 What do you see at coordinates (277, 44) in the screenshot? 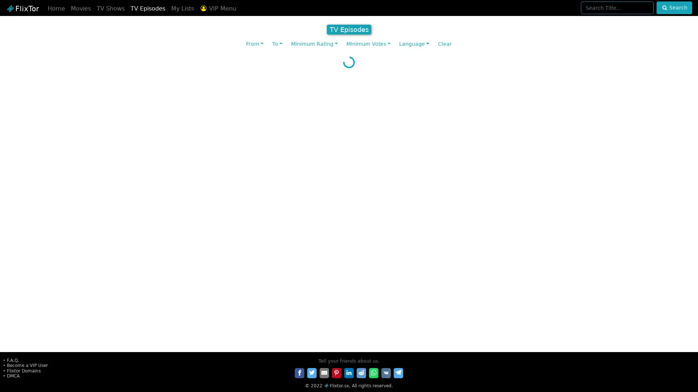
I see `To` at bounding box center [277, 44].